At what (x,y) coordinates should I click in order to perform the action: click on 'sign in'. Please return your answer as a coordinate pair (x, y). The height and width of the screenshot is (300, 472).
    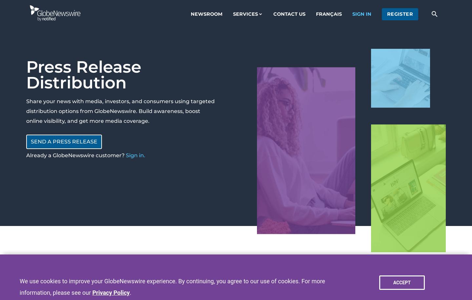
    Looking at the image, I should click on (352, 14).